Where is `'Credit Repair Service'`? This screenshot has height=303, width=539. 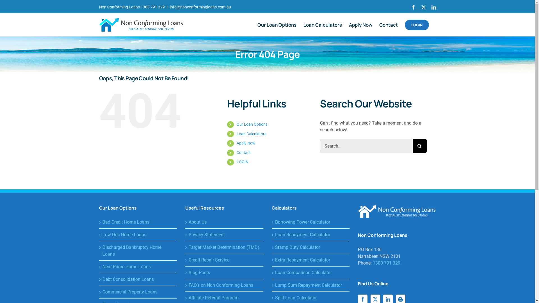 'Credit Repair Service' is located at coordinates (225, 260).